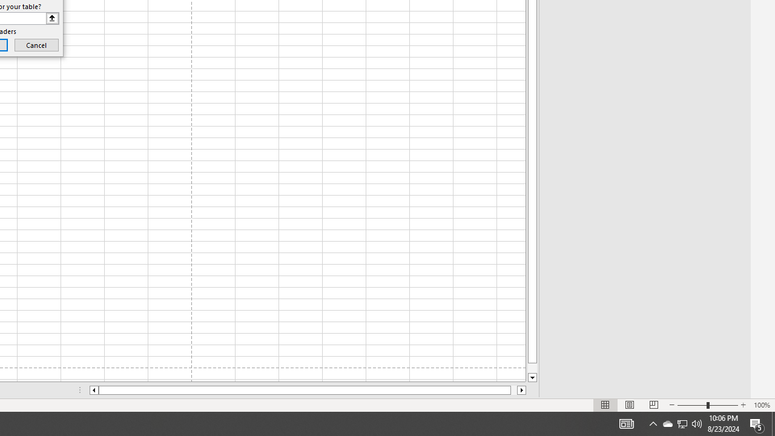  What do you see at coordinates (692, 405) in the screenshot?
I see `'Zoom Out'` at bounding box center [692, 405].